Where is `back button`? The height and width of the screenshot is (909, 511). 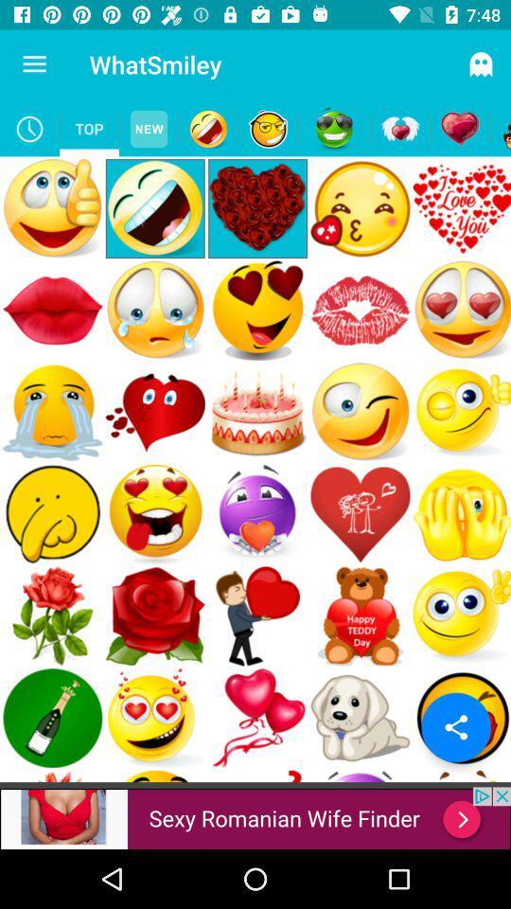
back button is located at coordinates (500, 128).